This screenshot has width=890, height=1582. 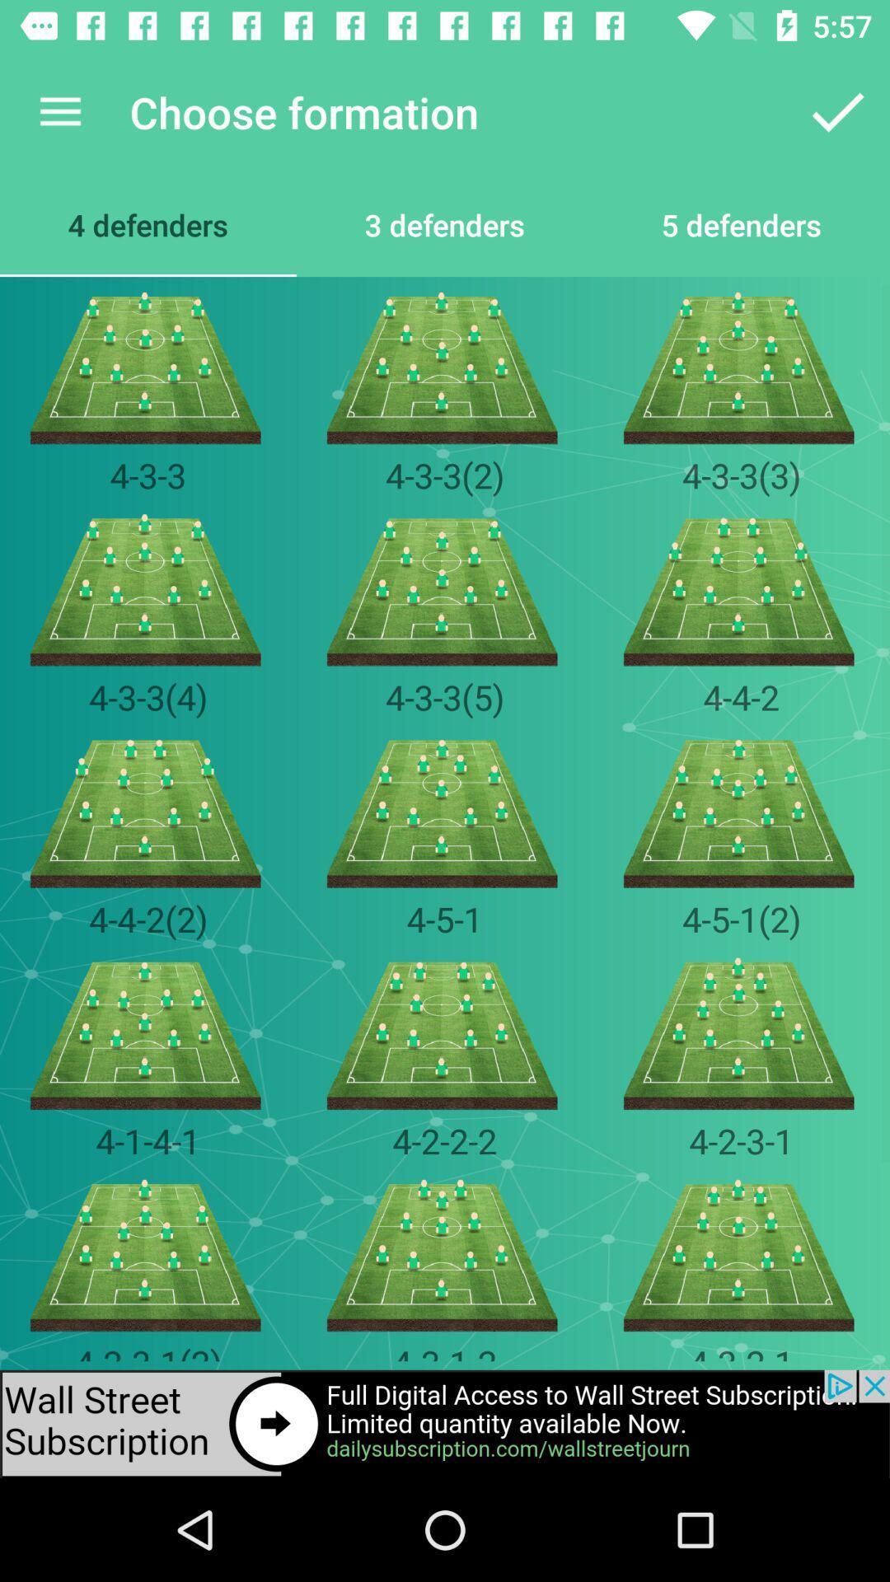 What do you see at coordinates (445, 1255) in the screenshot?
I see `the image which is below the 4222` at bounding box center [445, 1255].